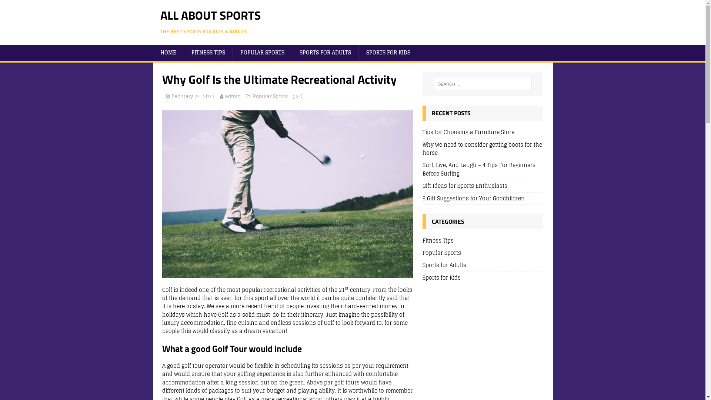  Describe the element at coordinates (287, 194) in the screenshot. I see `'46'` at that location.